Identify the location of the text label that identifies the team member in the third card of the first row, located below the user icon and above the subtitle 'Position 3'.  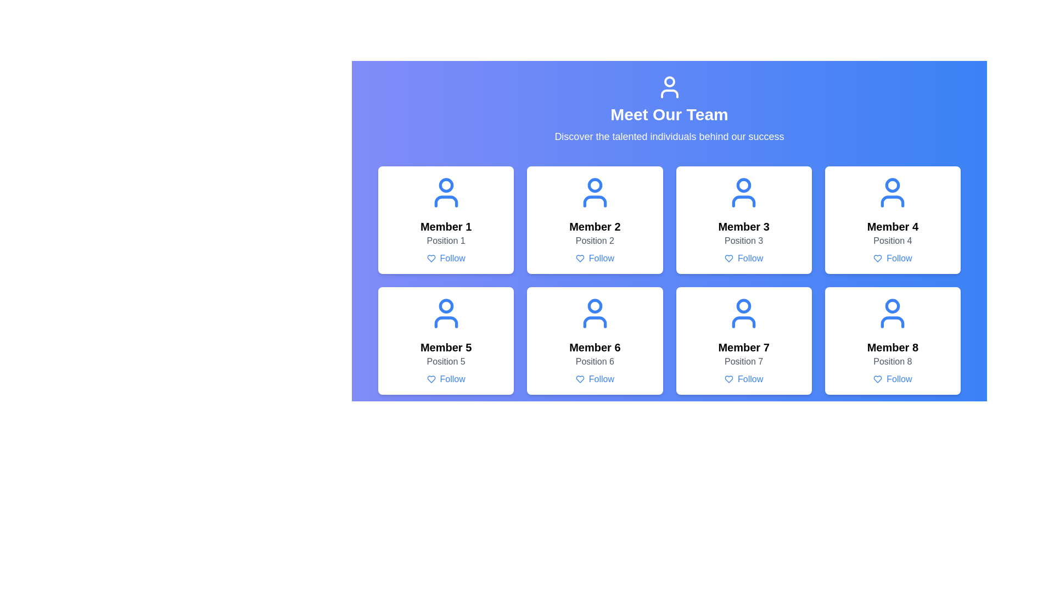
(744, 226).